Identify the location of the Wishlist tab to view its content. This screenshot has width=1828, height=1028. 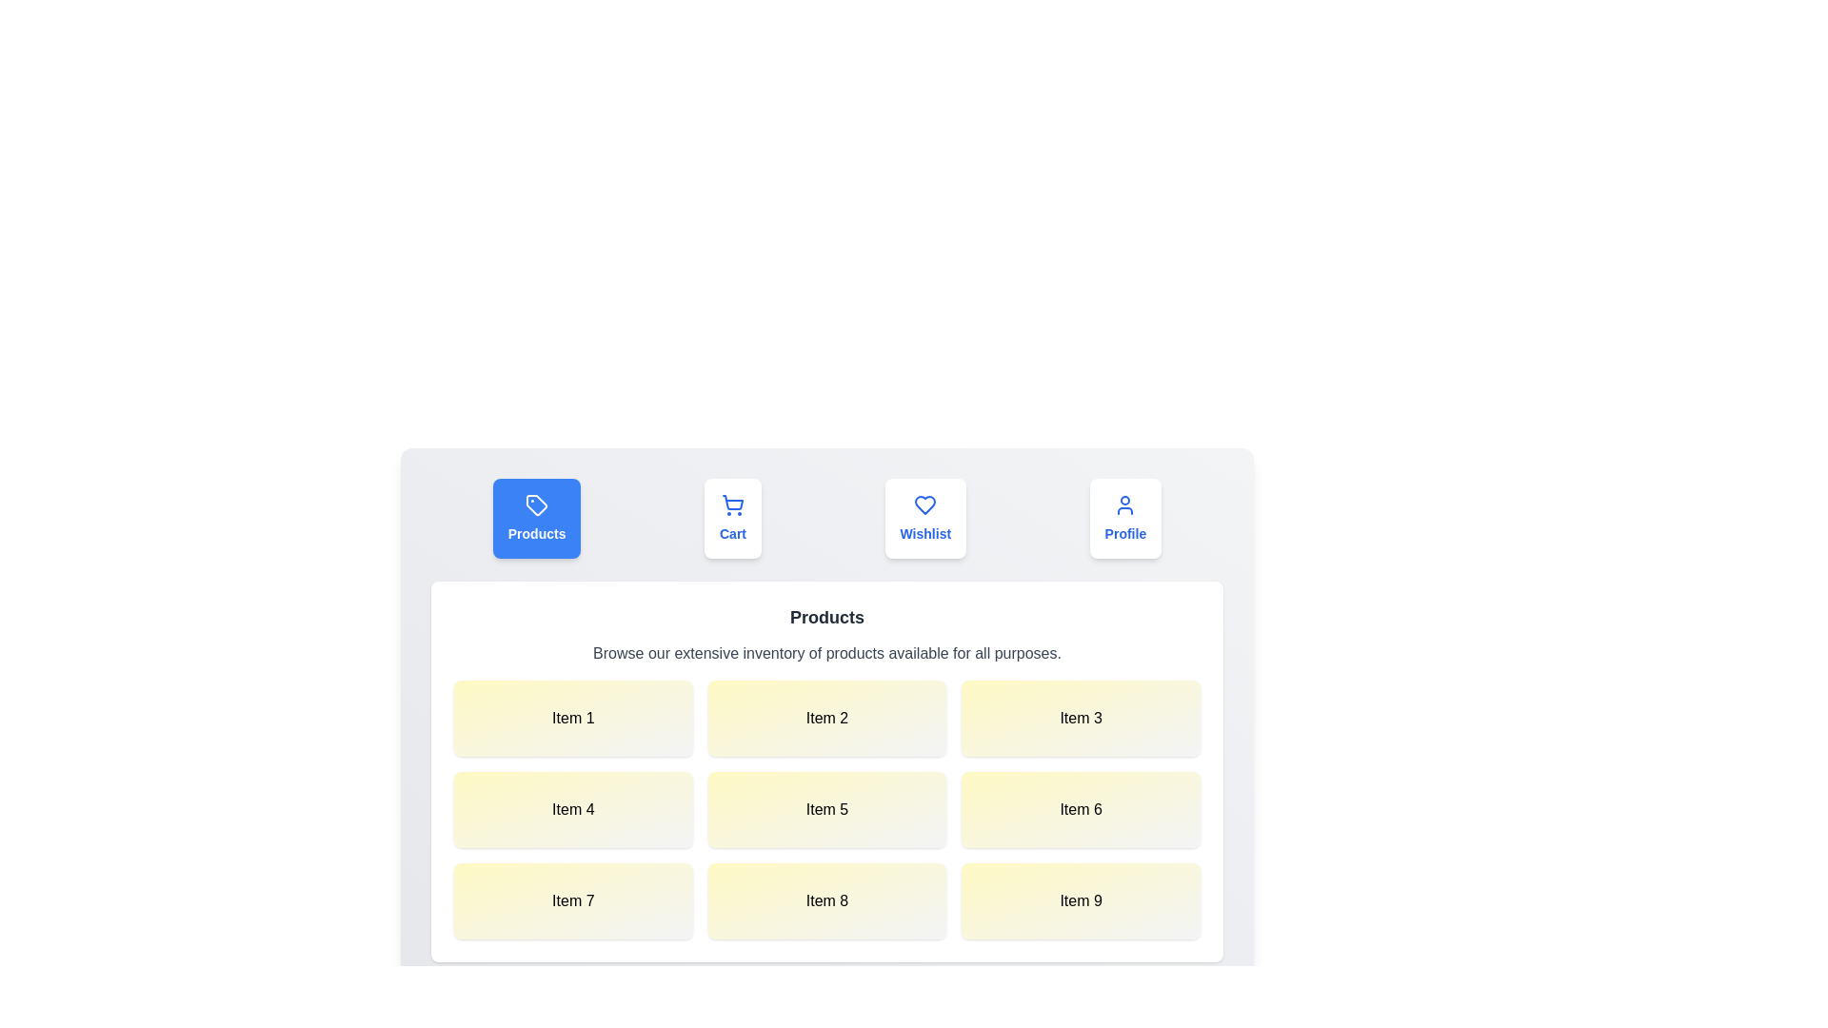
(924, 518).